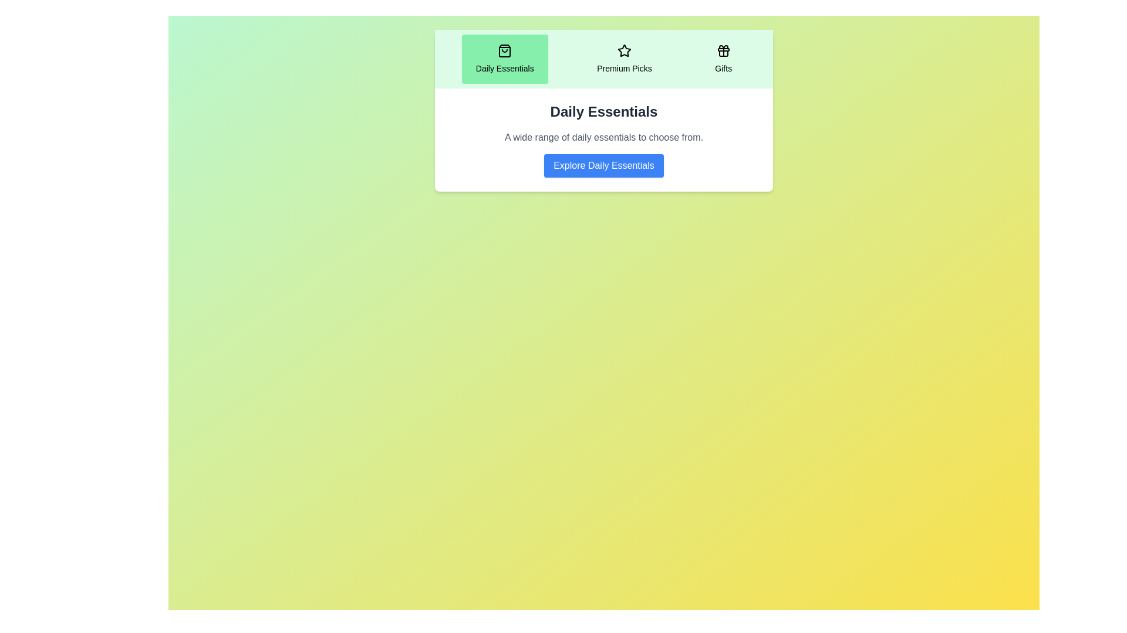 The height and width of the screenshot is (633, 1127). I want to click on the tab labeled Daily Essentials, so click(504, 59).